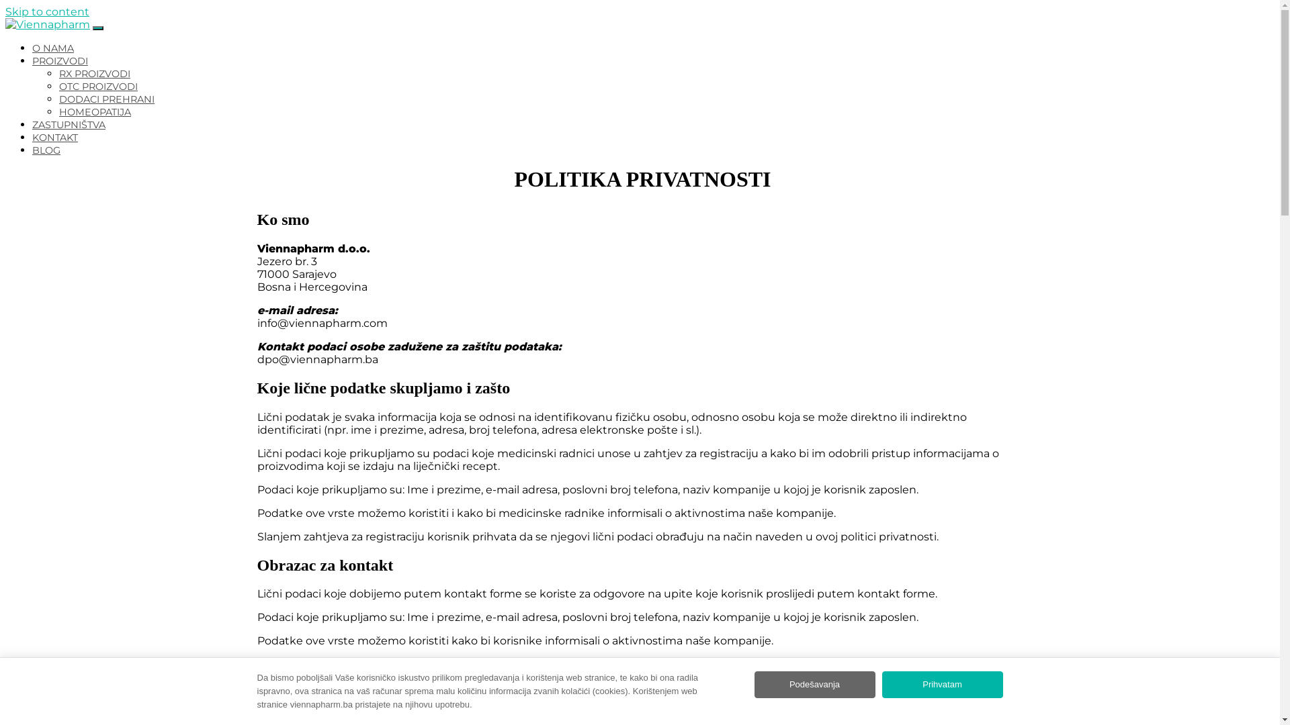  Describe the element at coordinates (105, 98) in the screenshot. I see `'DODACI PREHRANI'` at that location.